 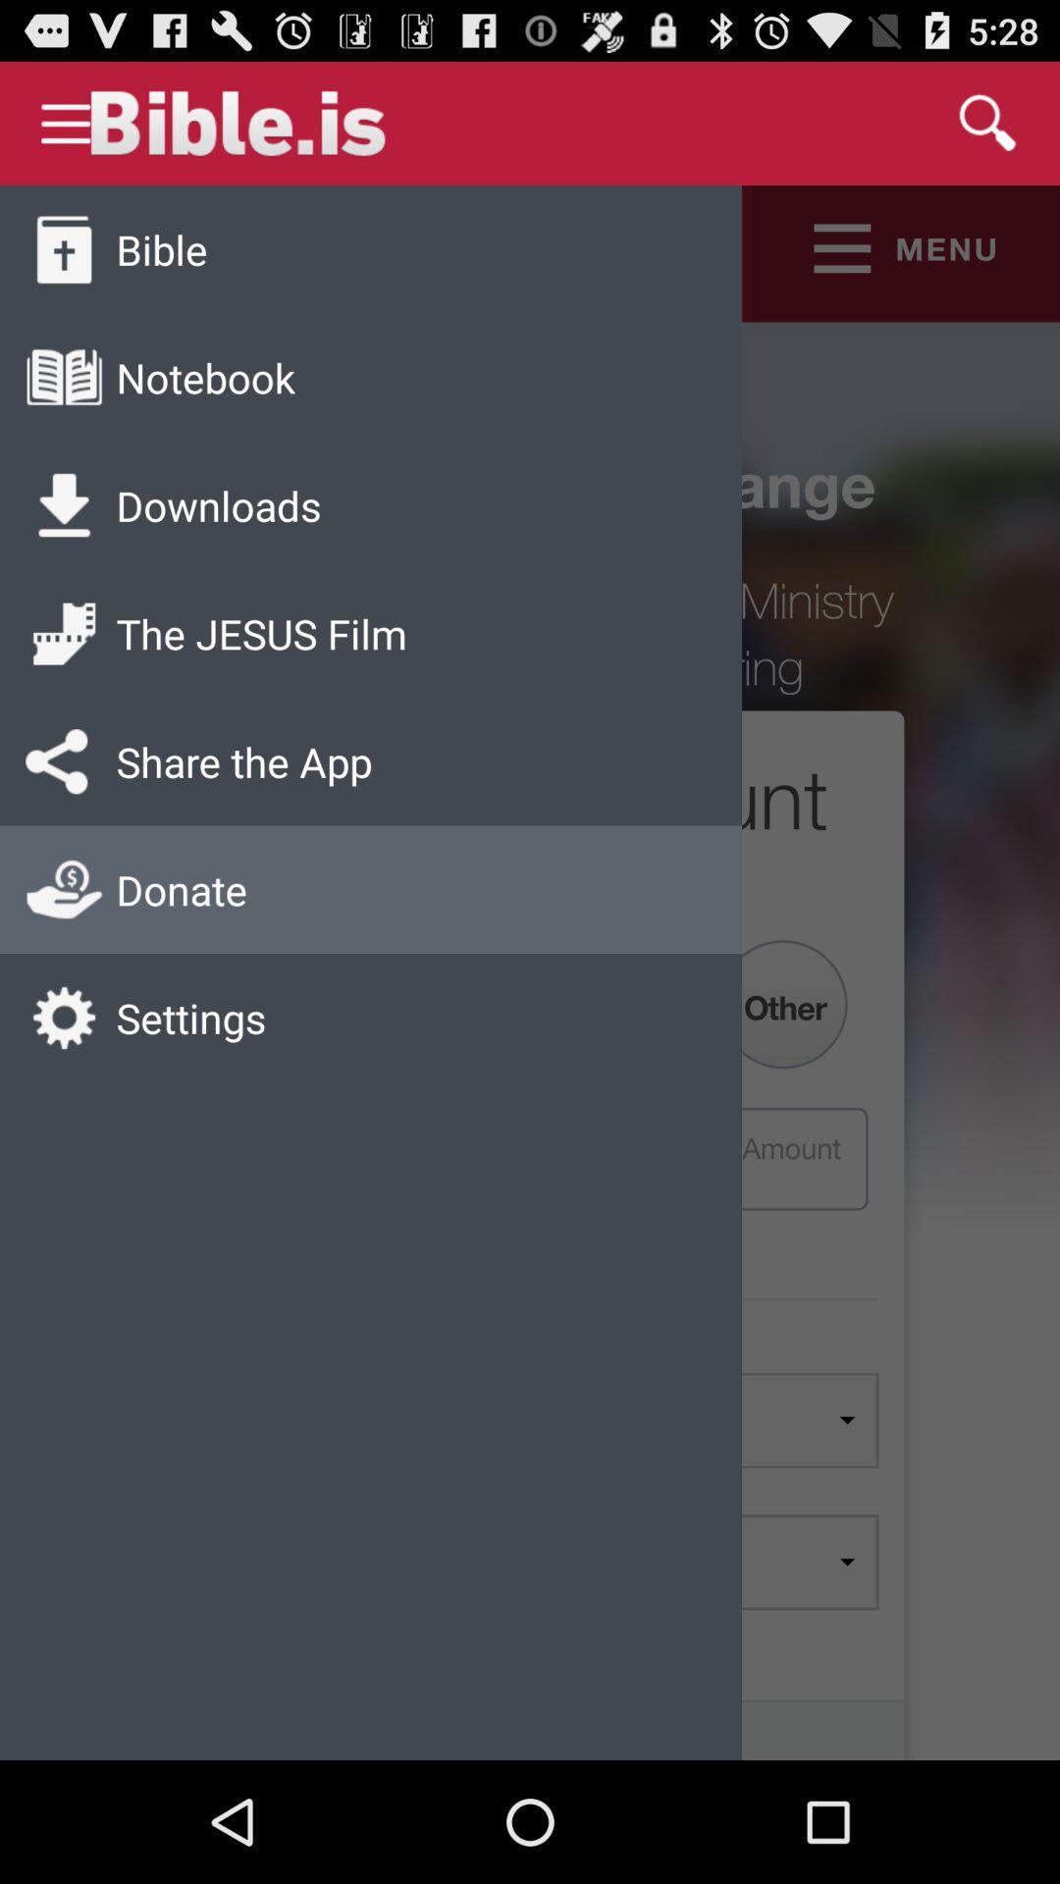 I want to click on the app below the notebook, so click(x=219, y=505).